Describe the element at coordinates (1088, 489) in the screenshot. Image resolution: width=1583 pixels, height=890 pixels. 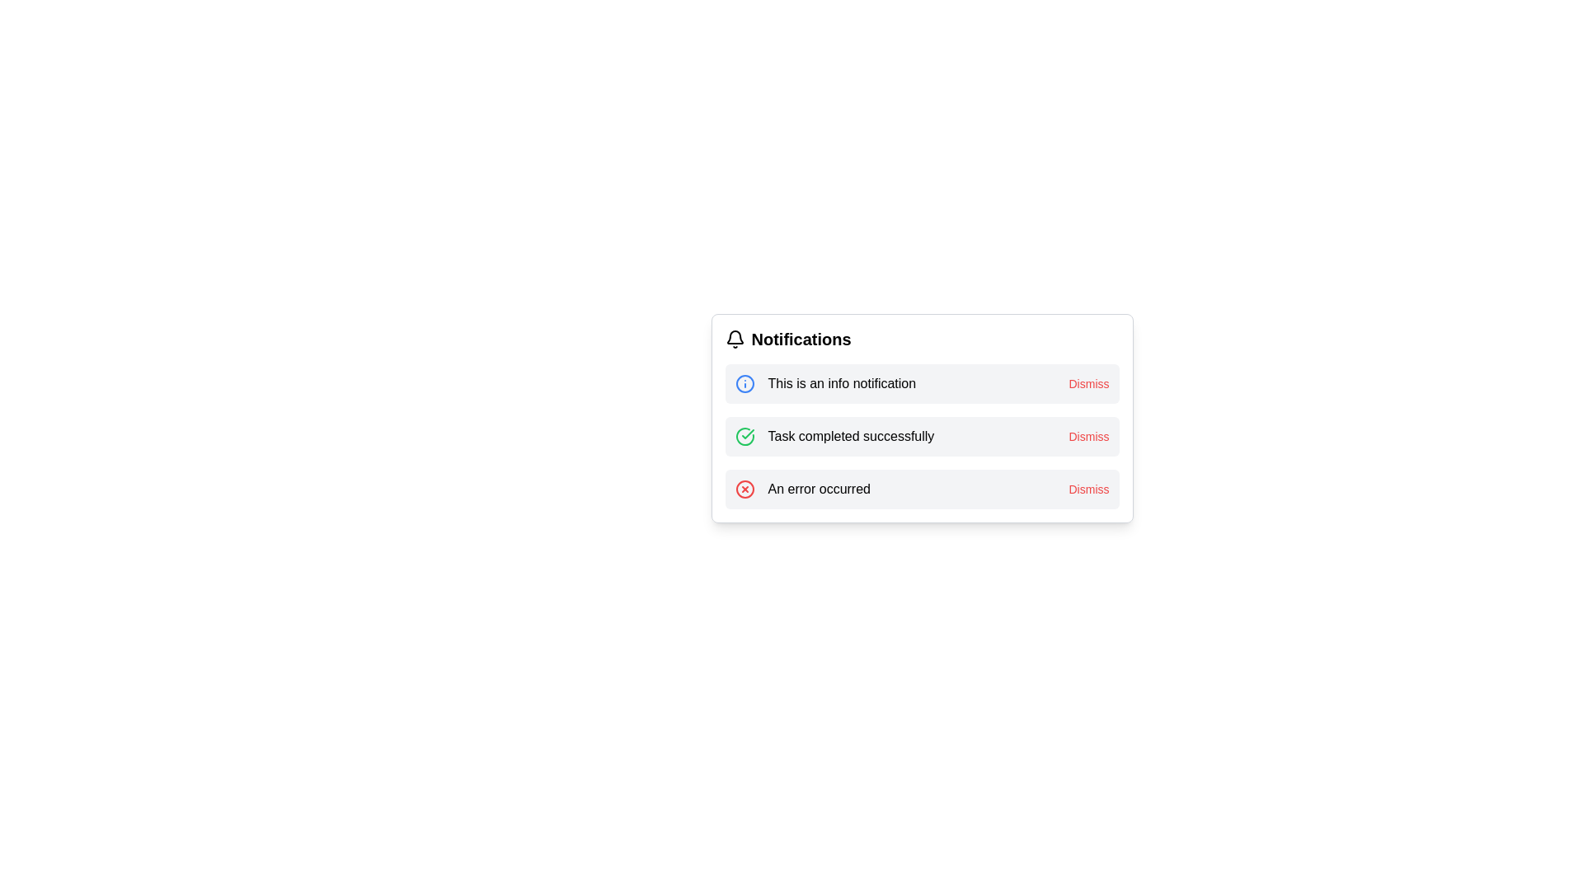
I see `the 'Dismiss' link styled as a text-based button, located at the far right of the notification bar containing the error message 'An error occurred'` at that location.